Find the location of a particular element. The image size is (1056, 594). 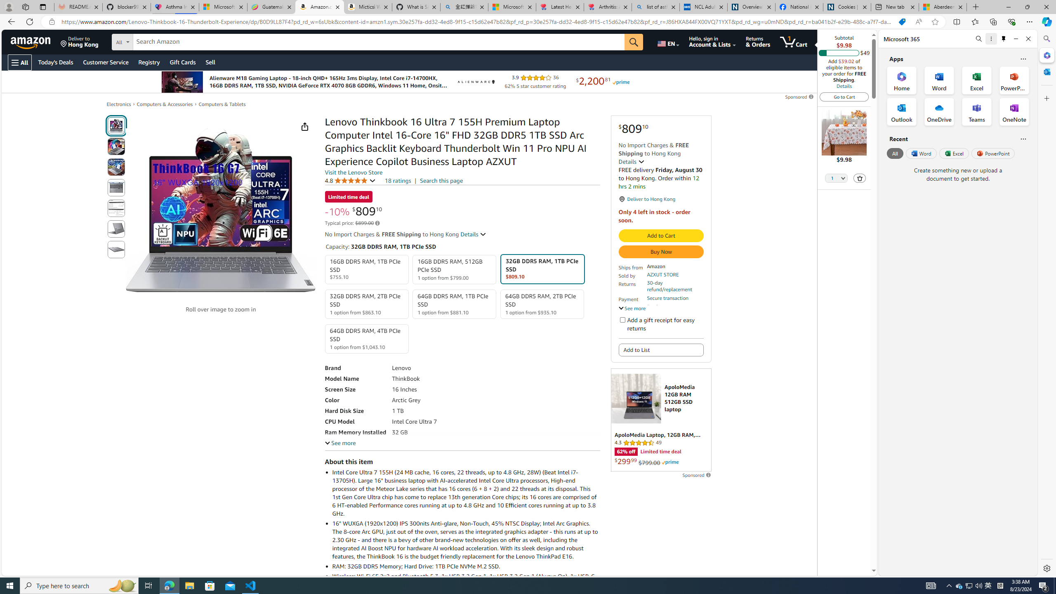

'Add a gift receipt for easy returns' is located at coordinates (622, 319).